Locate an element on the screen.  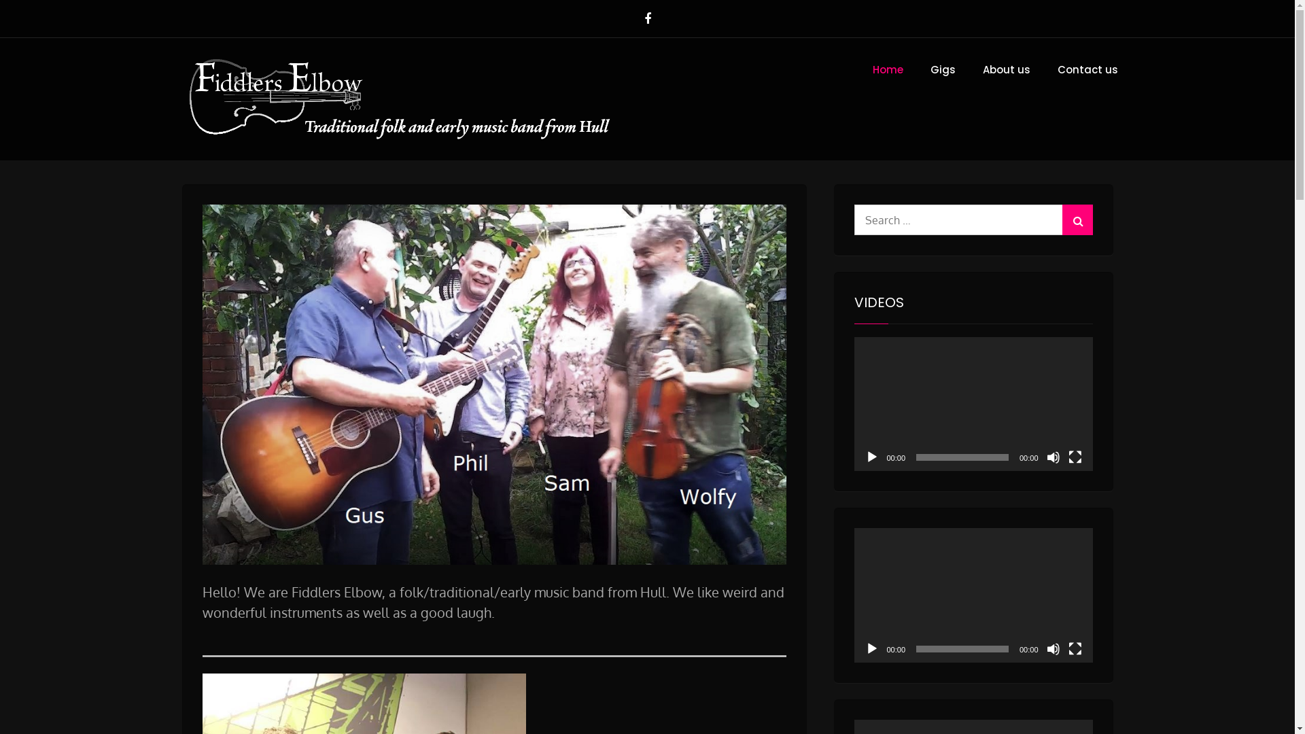
'Gigs' is located at coordinates (941, 70).